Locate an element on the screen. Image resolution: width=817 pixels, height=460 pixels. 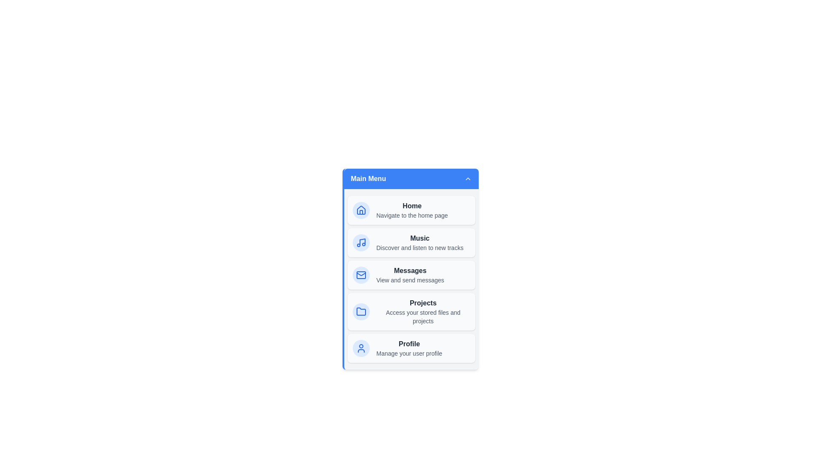
the menu item corresponding to Profile is located at coordinates (411, 348).